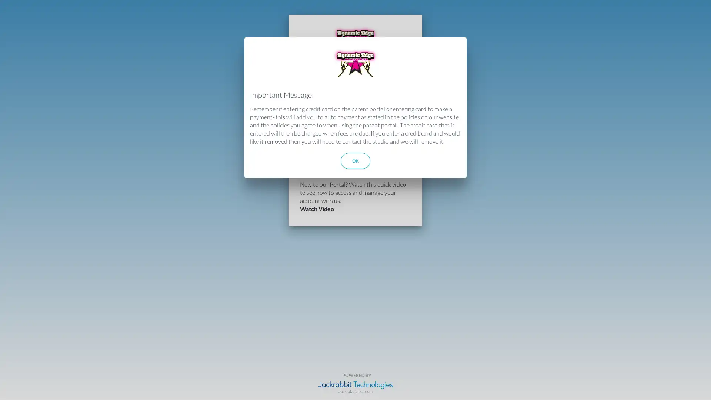  Describe the element at coordinates (355, 160) in the screenshot. I see `OK` at that location.